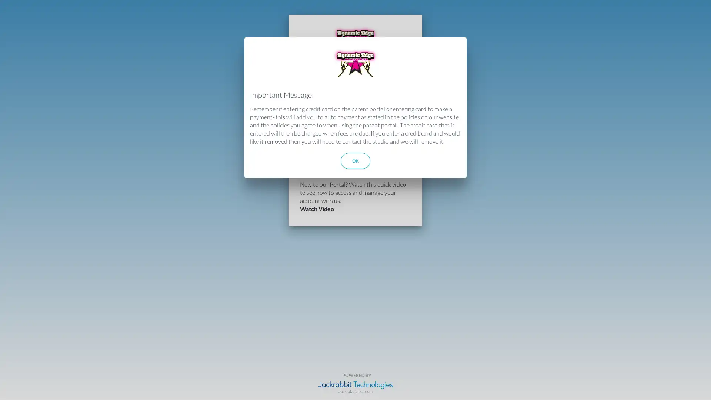  Describe the element at coordinates (355, 160) in the screenshot. I see `OK` at that location.